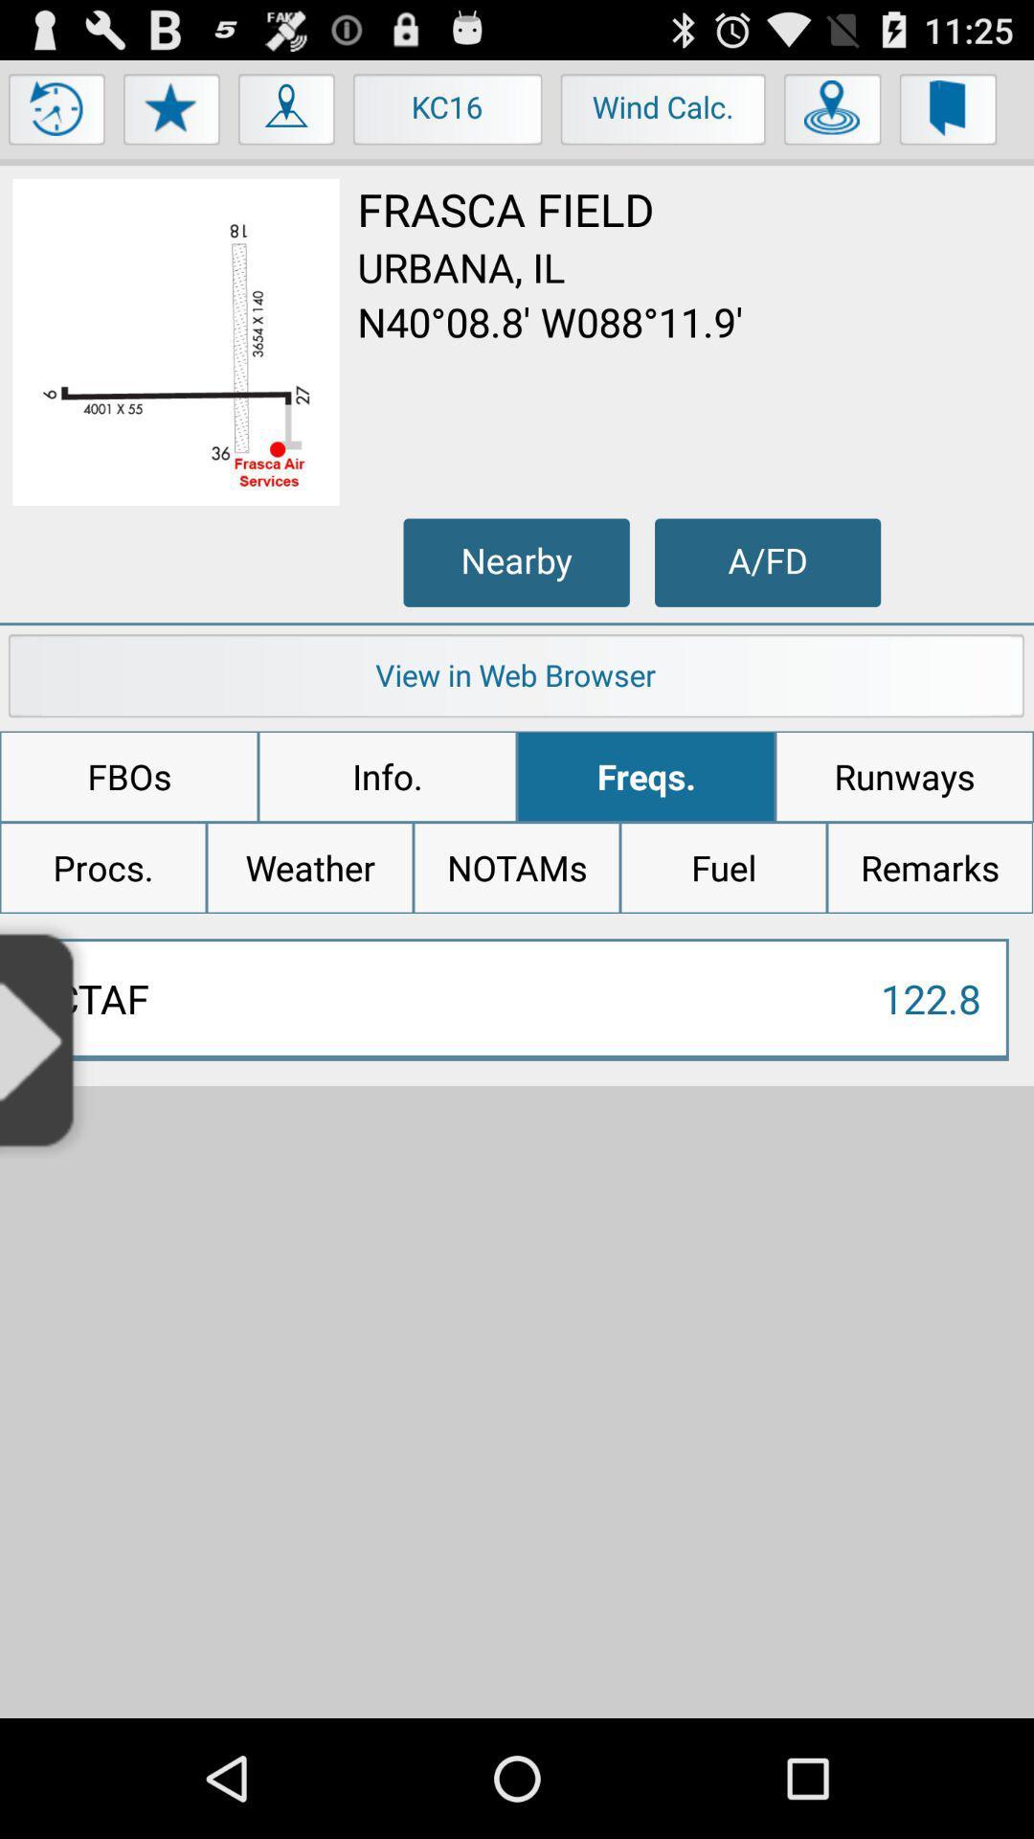  I want to click on send a message, so click(949, 113).